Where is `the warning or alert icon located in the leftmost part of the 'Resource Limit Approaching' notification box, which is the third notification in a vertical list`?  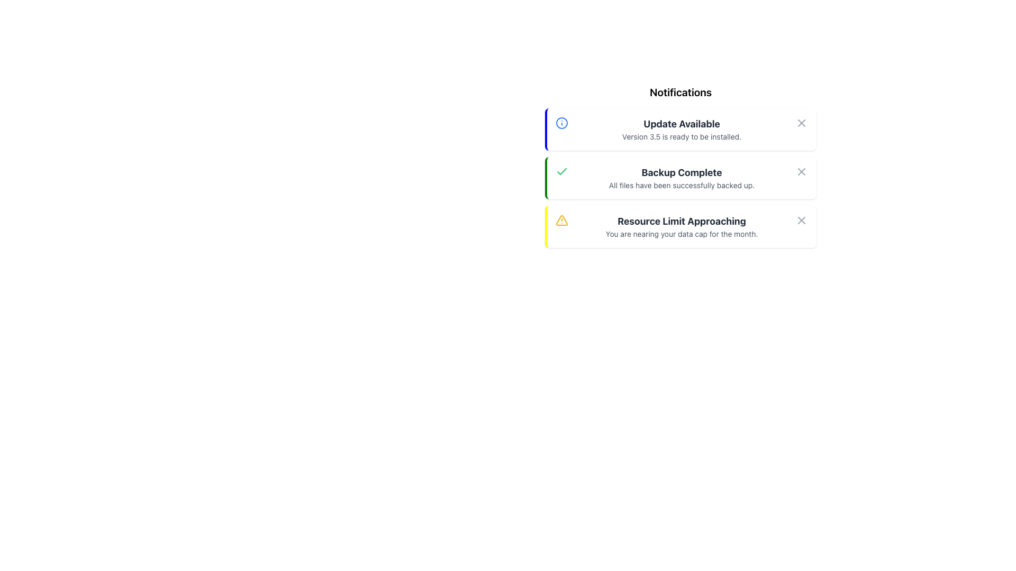 the warning or alert icon located in the leftmost part of the 'Resource Limit Approaching' notification box, which is the third notification in a vertical list is located at coordinates (561, 219).